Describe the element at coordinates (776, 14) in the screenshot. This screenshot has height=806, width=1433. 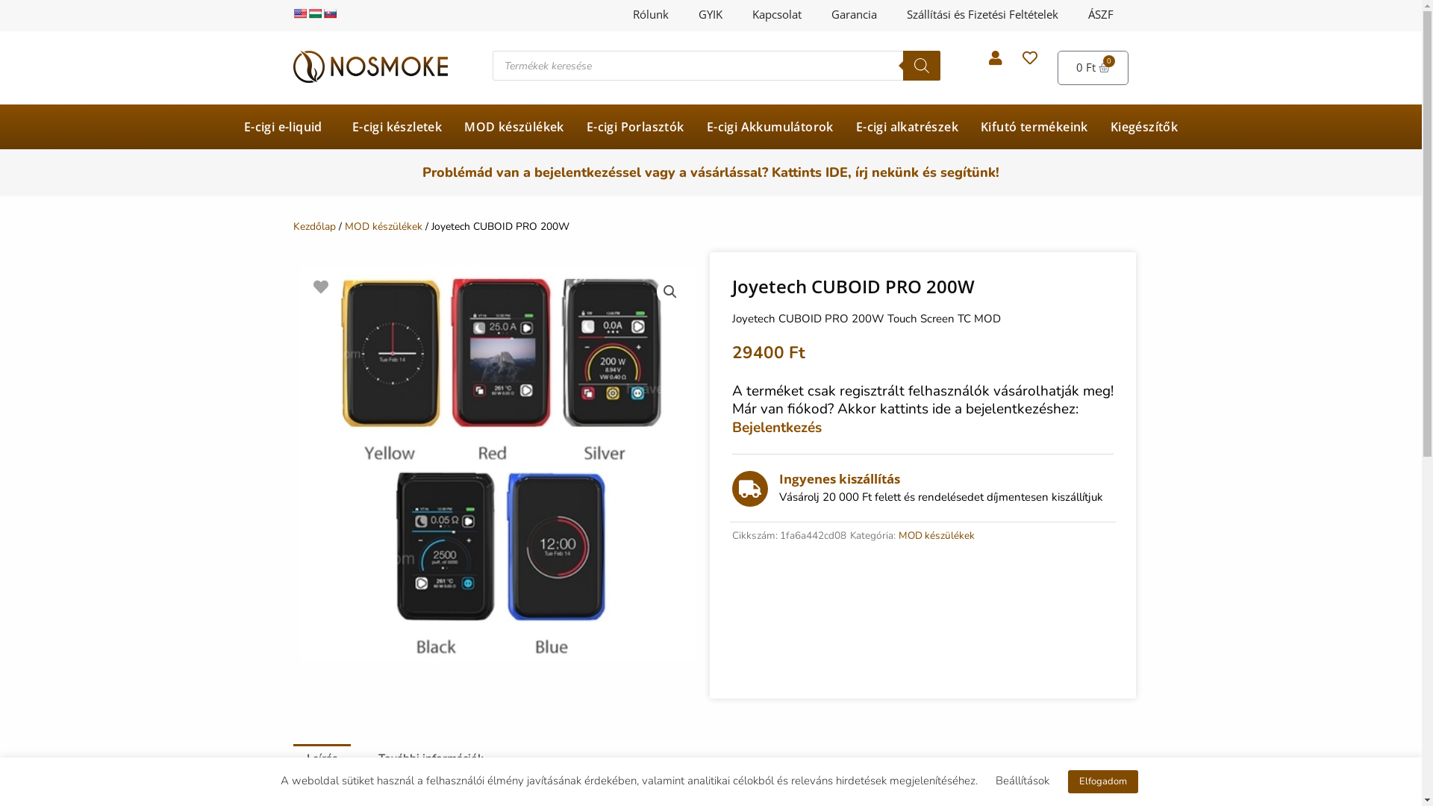
I see `'Kapcsolat'` at that location.